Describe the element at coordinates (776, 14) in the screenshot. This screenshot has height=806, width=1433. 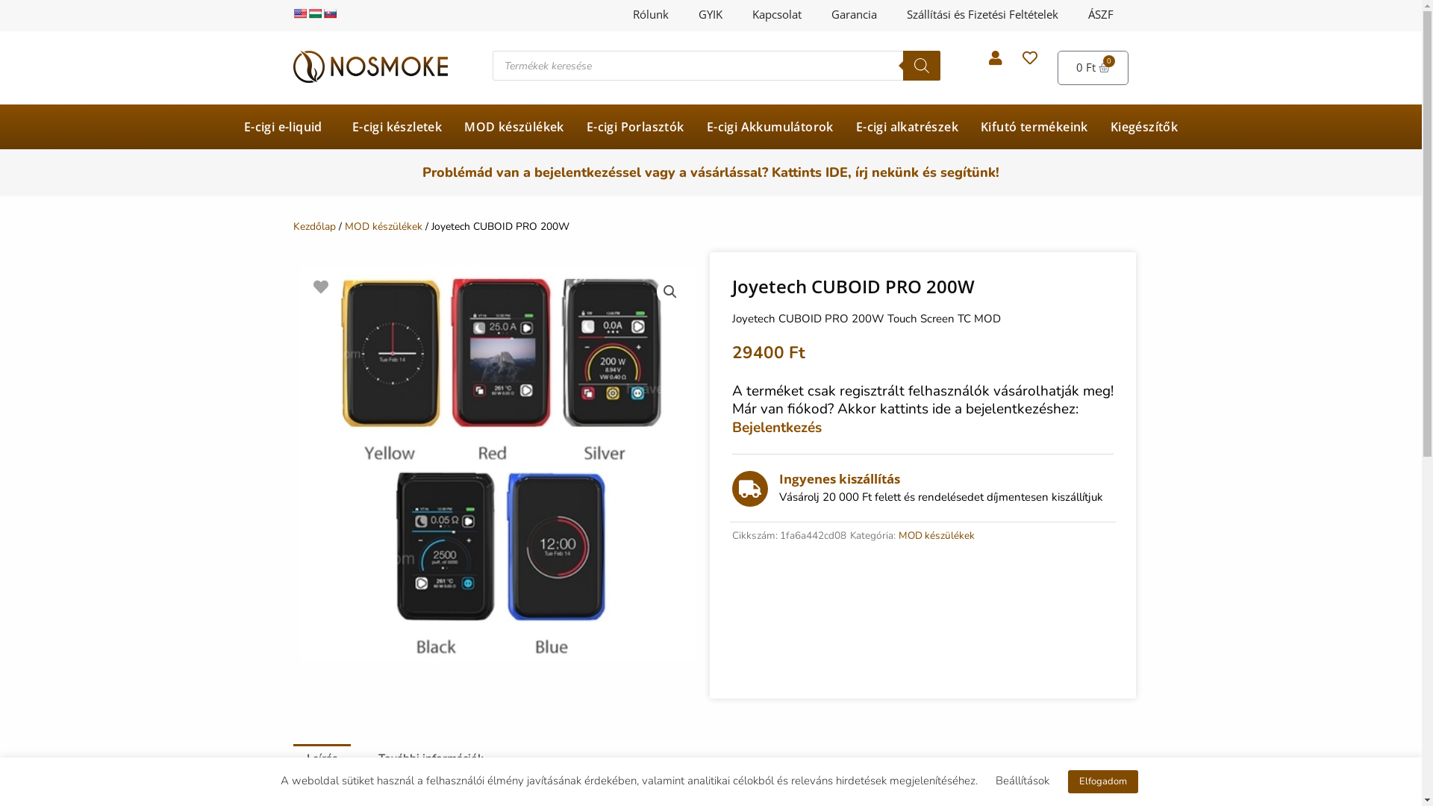
I see `'Kapcsolat'` at that location.